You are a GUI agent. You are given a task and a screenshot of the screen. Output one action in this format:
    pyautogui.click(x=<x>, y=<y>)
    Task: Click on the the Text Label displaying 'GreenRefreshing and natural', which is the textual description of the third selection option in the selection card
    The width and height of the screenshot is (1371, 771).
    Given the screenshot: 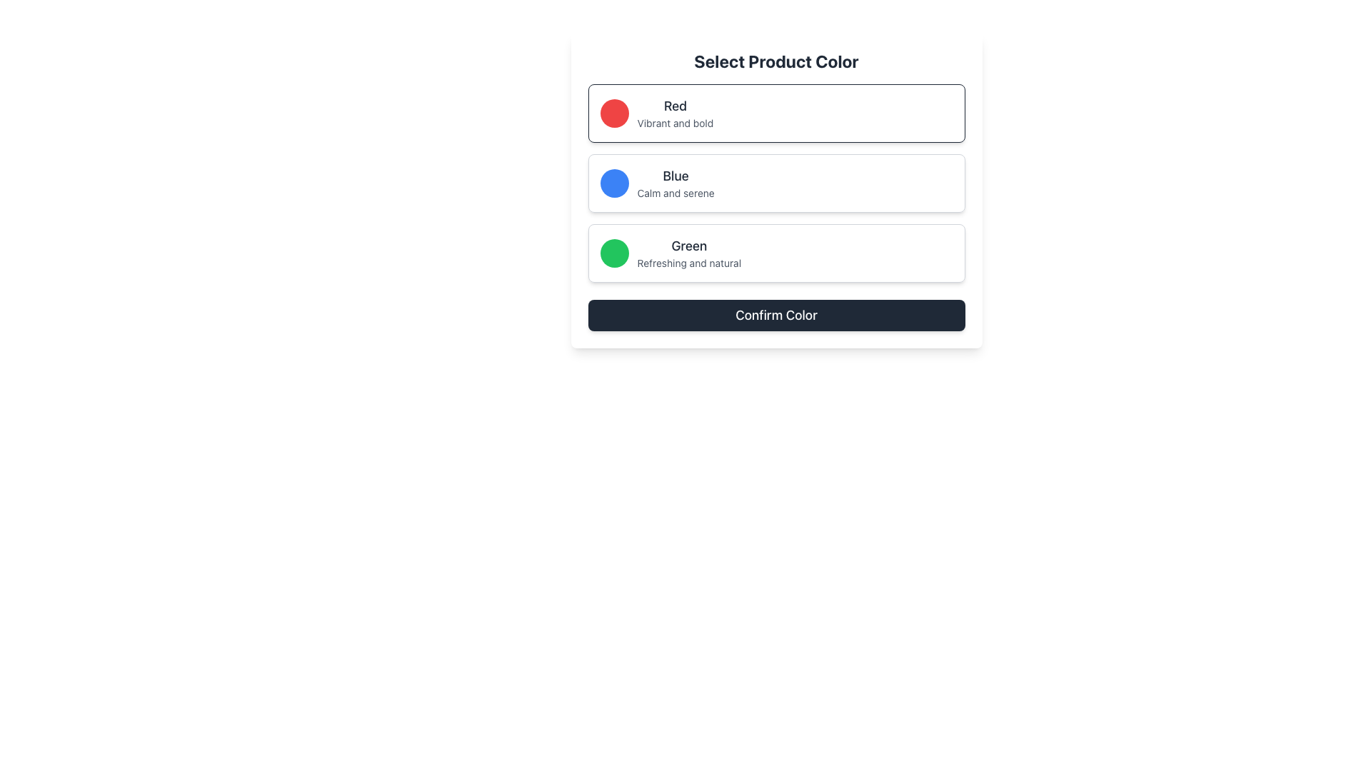 What is the action you would take?
    pyautogui.click(x=689, y=252)
    